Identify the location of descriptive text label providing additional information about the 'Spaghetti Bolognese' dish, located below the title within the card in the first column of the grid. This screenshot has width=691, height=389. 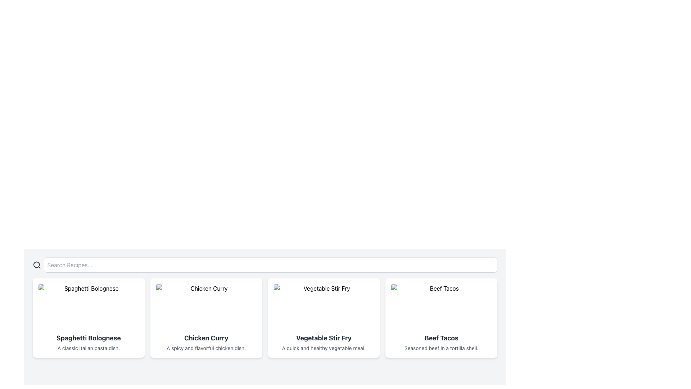
(88, 348).